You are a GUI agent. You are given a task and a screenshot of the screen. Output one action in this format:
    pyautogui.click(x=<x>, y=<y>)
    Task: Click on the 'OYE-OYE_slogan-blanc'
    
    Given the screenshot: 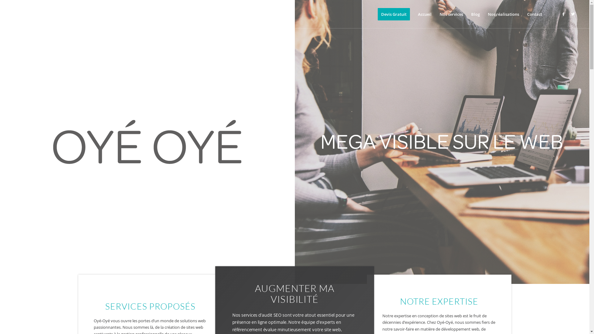 What is the action you would take?
    pyautogui.click(x=442, y=142)
    